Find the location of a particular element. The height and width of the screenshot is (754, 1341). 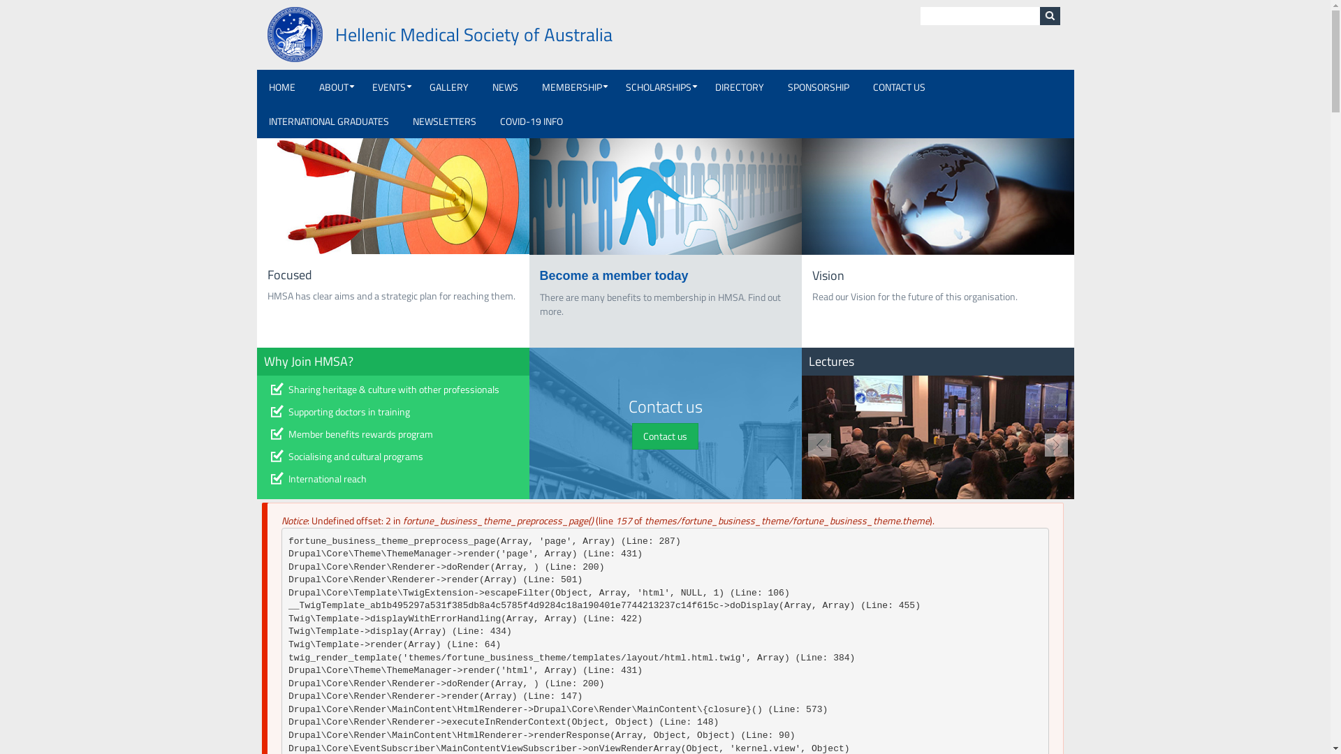

'GALLERY' is located at coordinates (449, 87).